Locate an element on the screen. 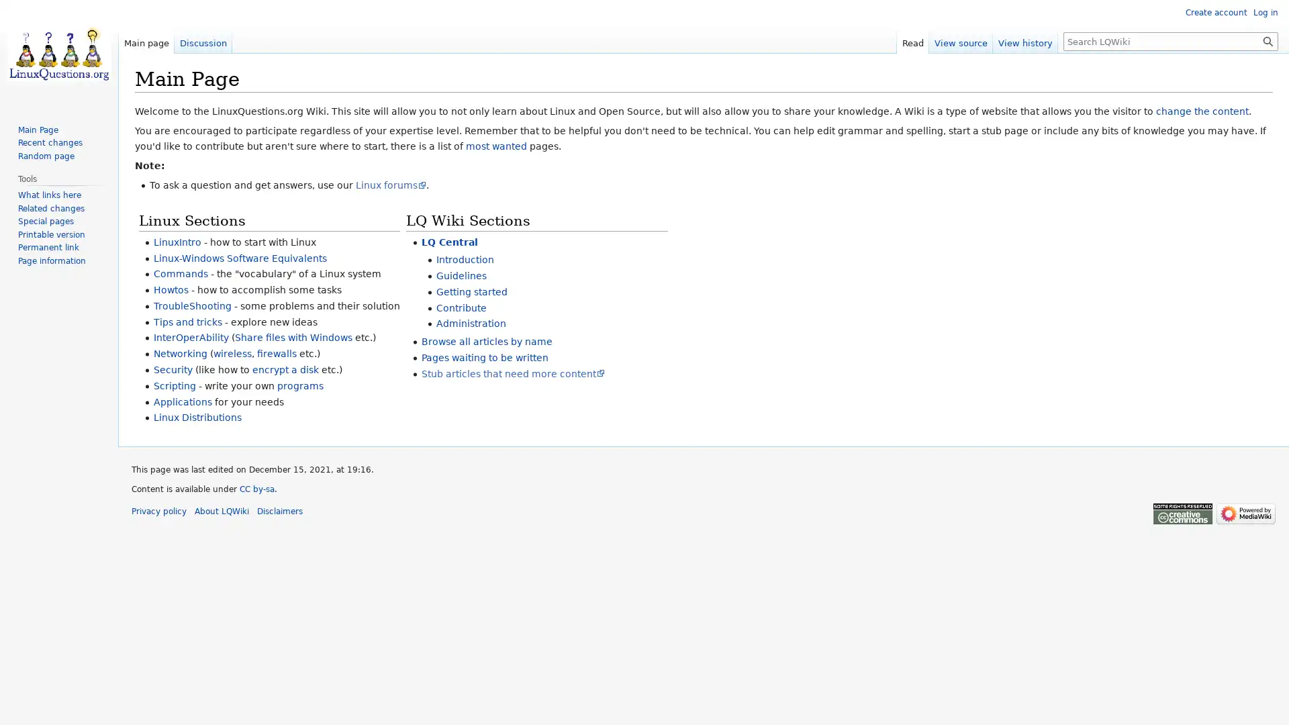 The image size is (1289, 725). Go is located at coordinates (1268, 40).